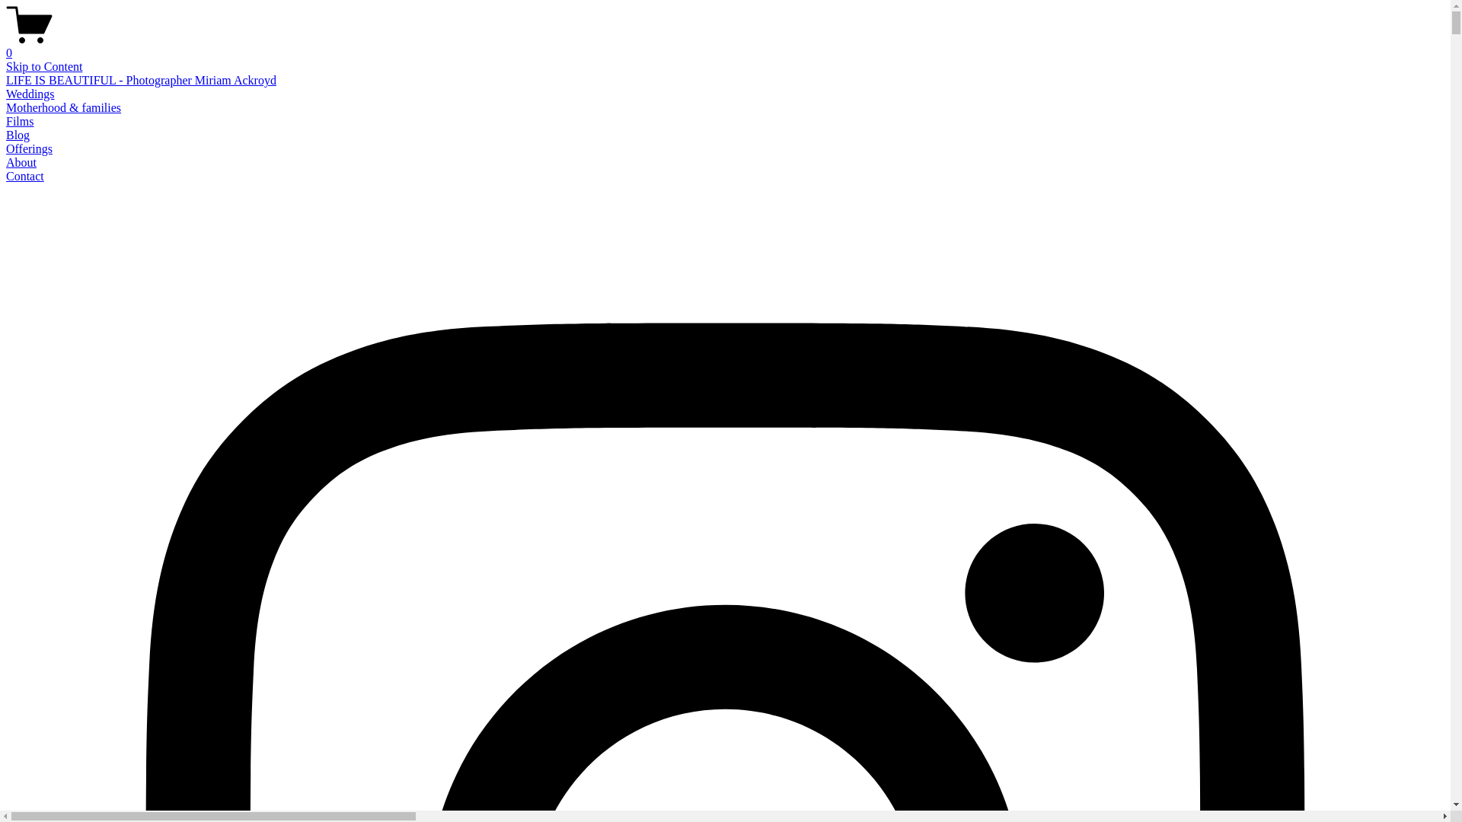 The width and height of the screenshot is (1462, 822). What do you see at coordinates (19, 120) in the screenshot?
I see `'Films'` at bounding box center [19, 120].